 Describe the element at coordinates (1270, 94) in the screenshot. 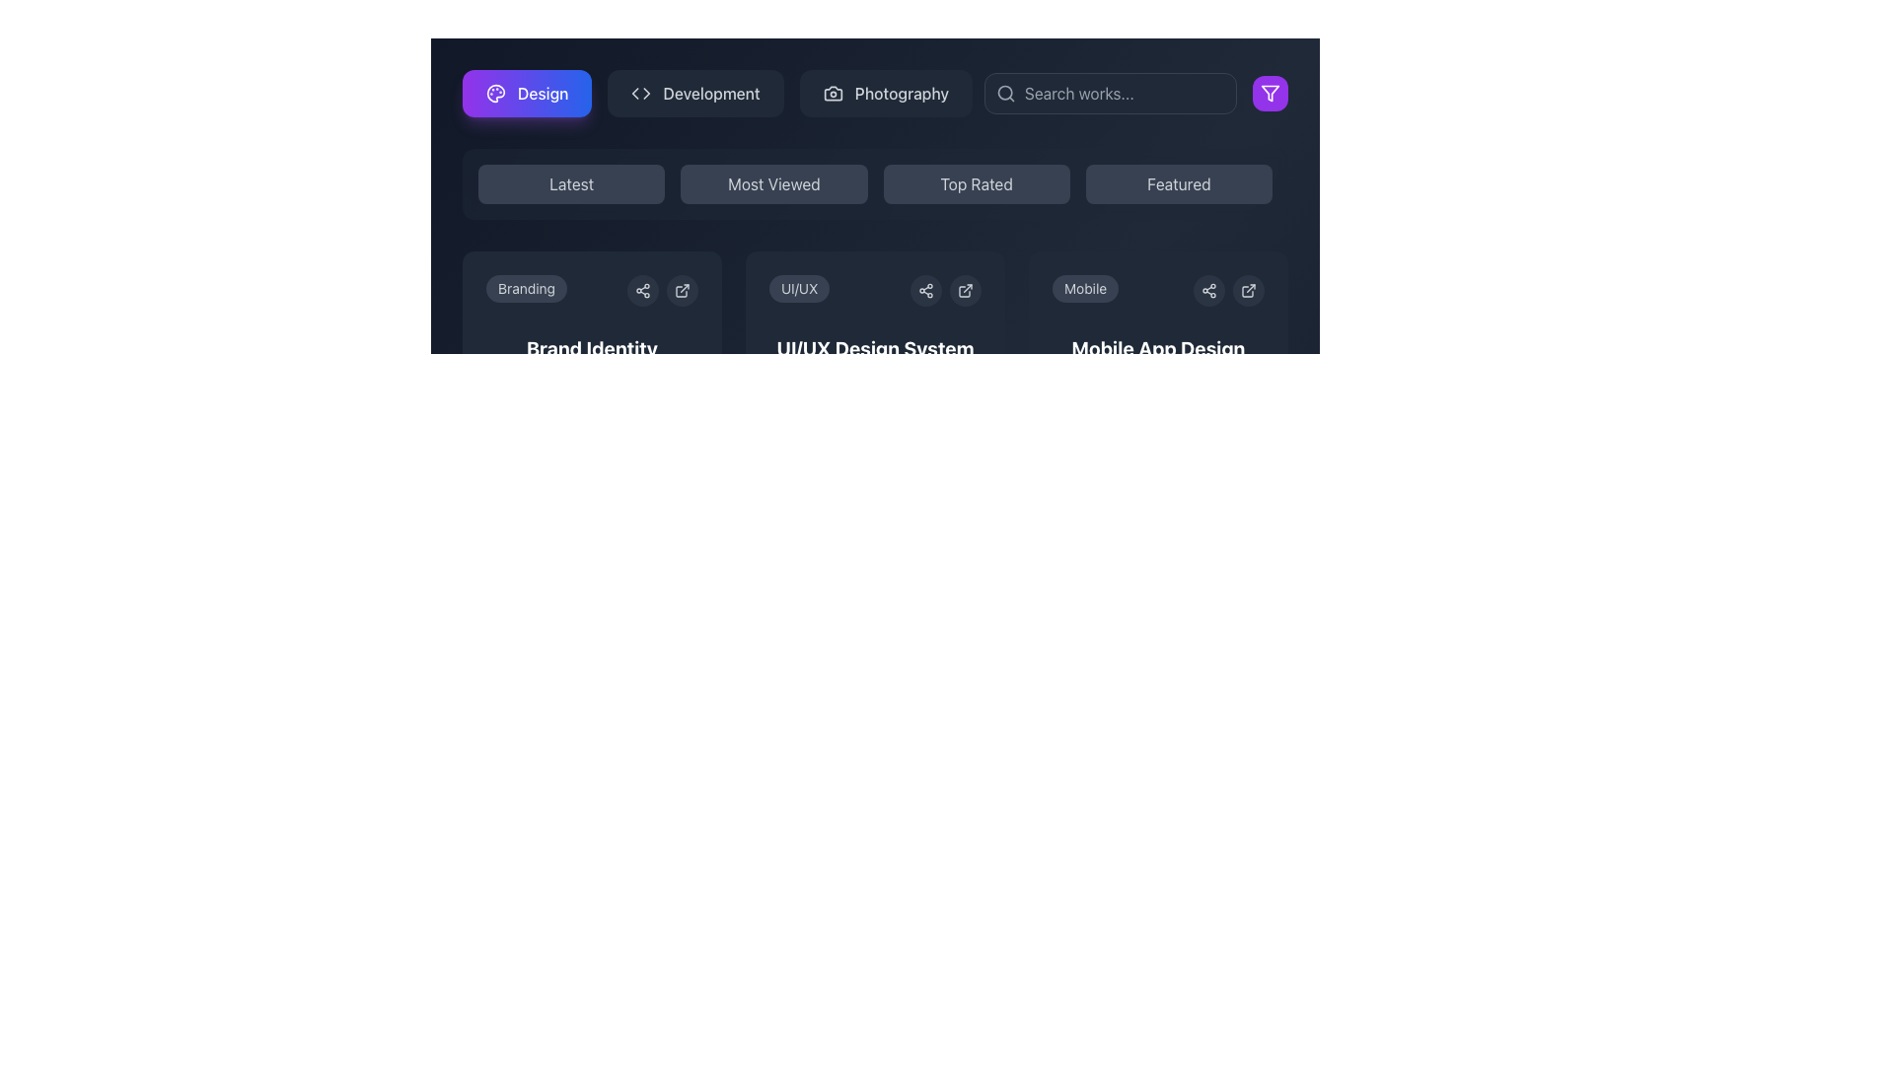

I see `the funnel-shaped icon button in the top-right toolbar` at that location.